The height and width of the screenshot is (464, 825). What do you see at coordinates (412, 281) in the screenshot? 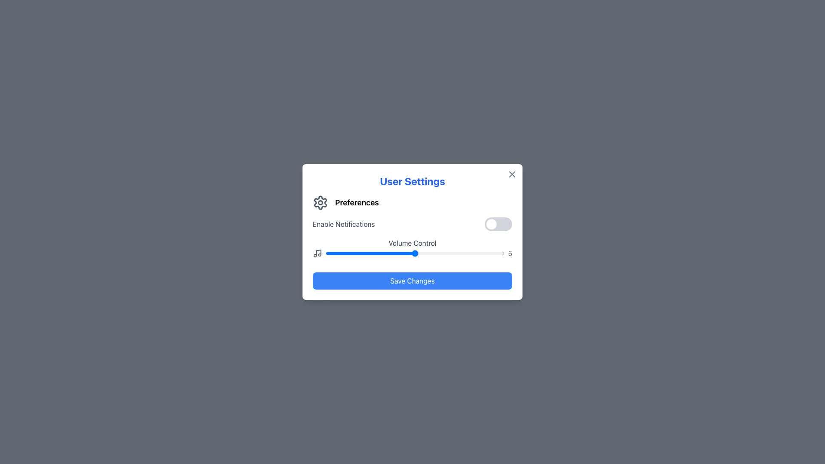
I see `the 'Save Changes' button located at the bottom of the 'User Settings' dialog to observe the hover effects` at bounding box center [412, 281].